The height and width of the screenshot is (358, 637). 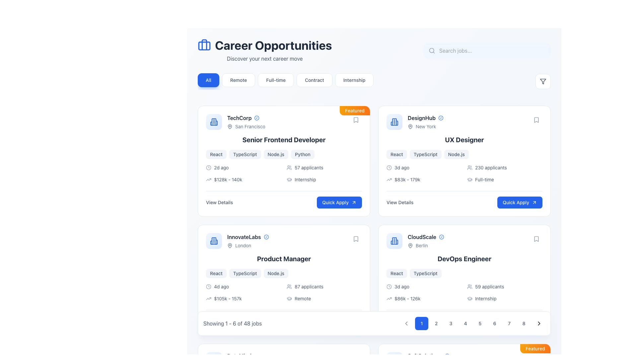 What do you see at coordinates (230, 126) in the screenshot?
I see `the map pin icon located next to the text 'San Francisco' in the job posting card, which indicates the geographic location of the job` at bounding box center [230, 126].